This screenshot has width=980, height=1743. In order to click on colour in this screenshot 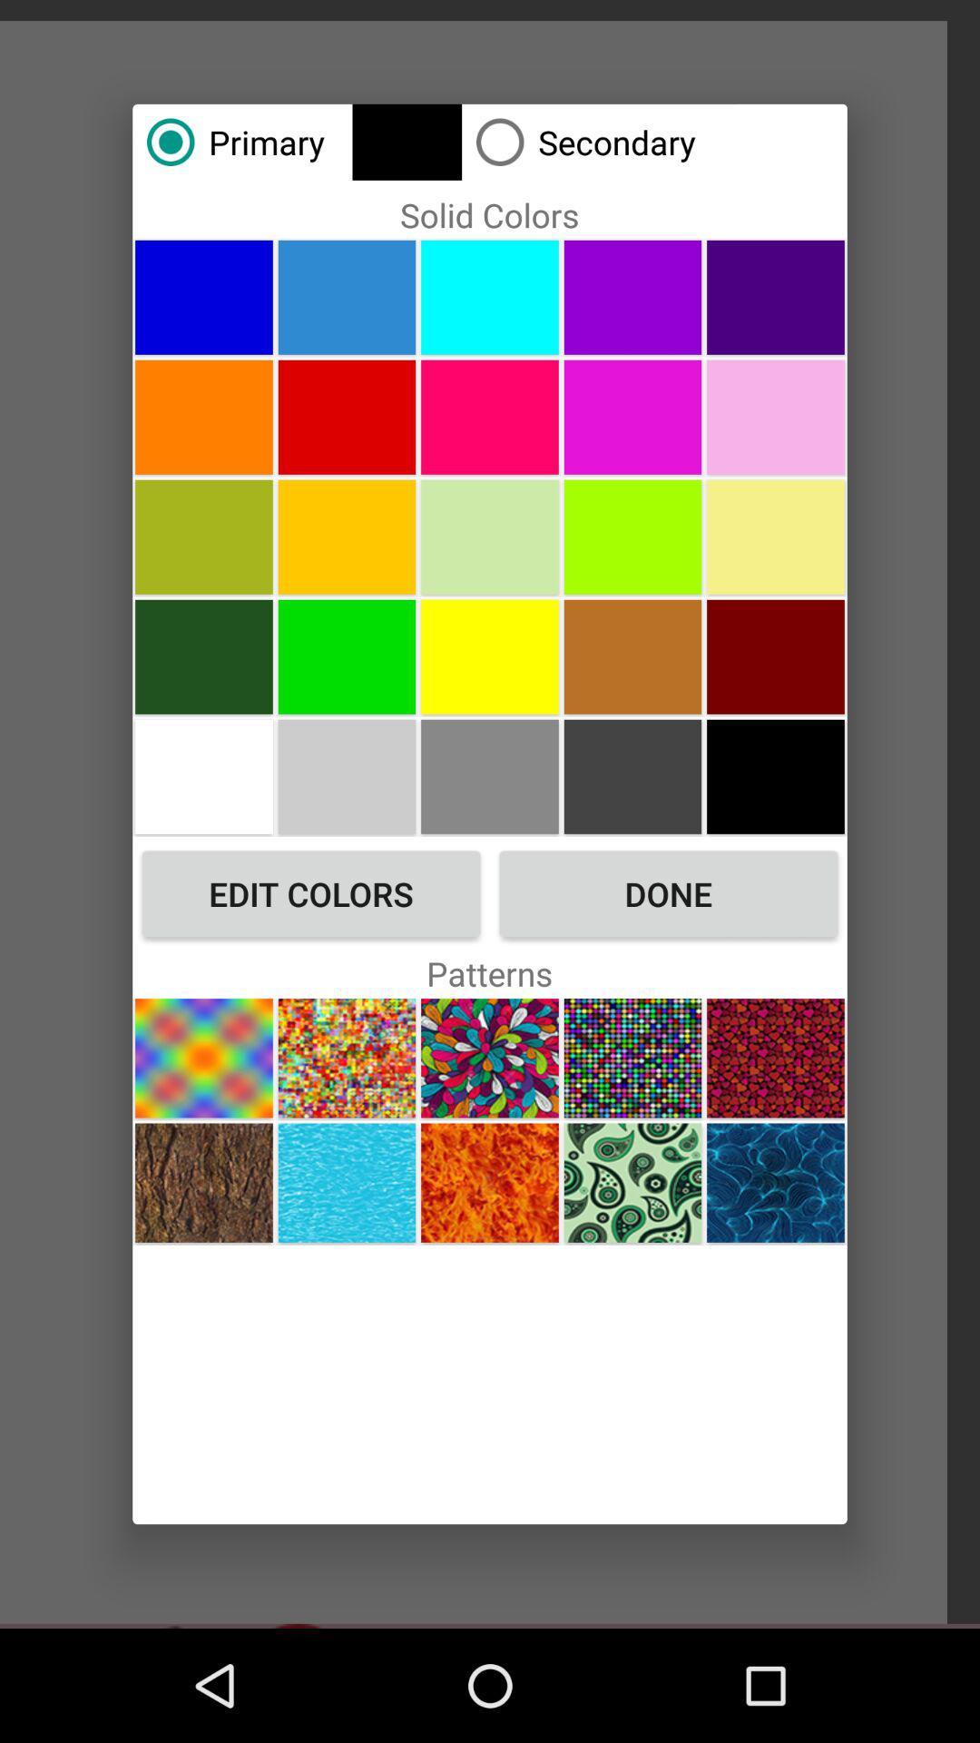, I will do `click(347, 536)`.